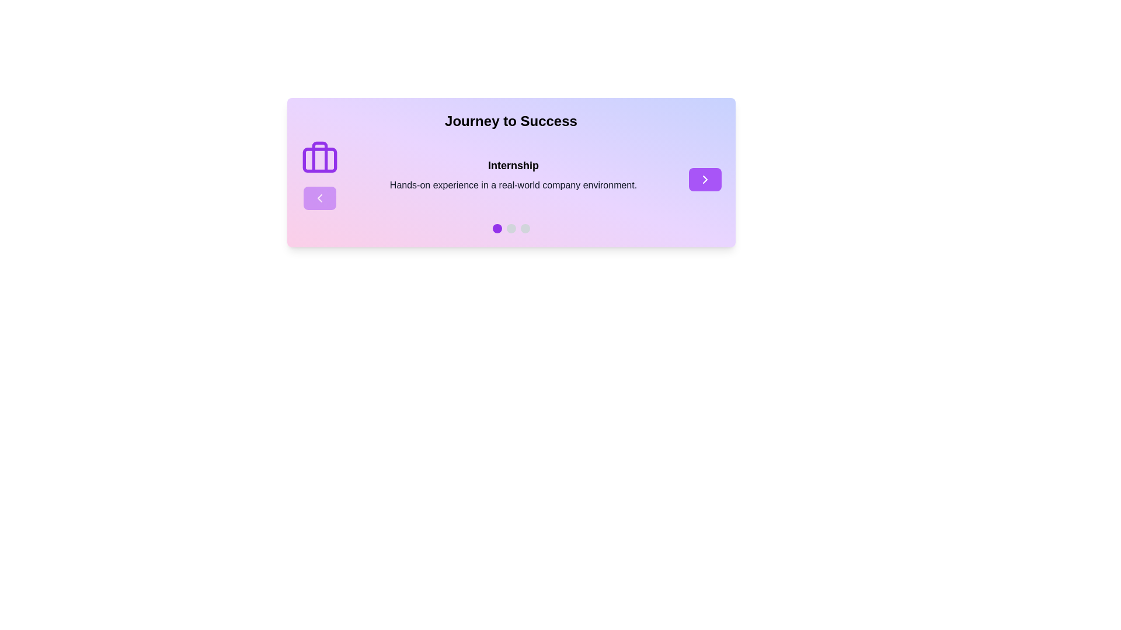 The height and width of the screenshot is (630, 1121). What do you see at coordinates (511, 175) in the screenshot?
I see `informative text block titled 'Internship' that contains the description 'Hands-on experience in a real-world company environment.'` at bounding box center [511, 175].